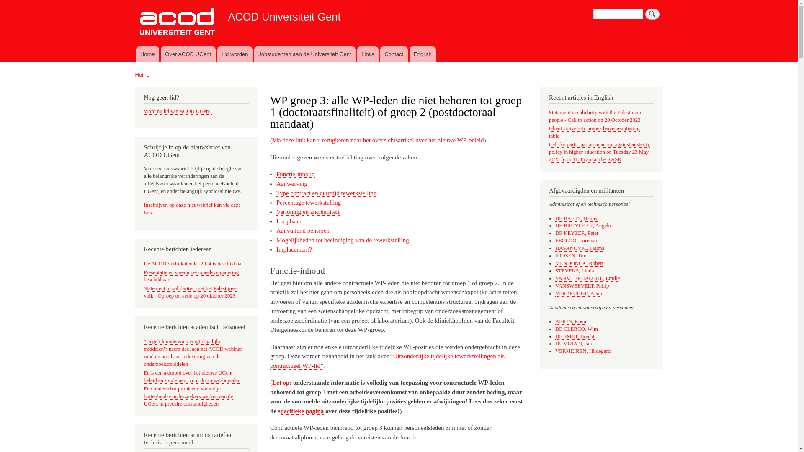  I want to click on 'Home', so click(147, 54).